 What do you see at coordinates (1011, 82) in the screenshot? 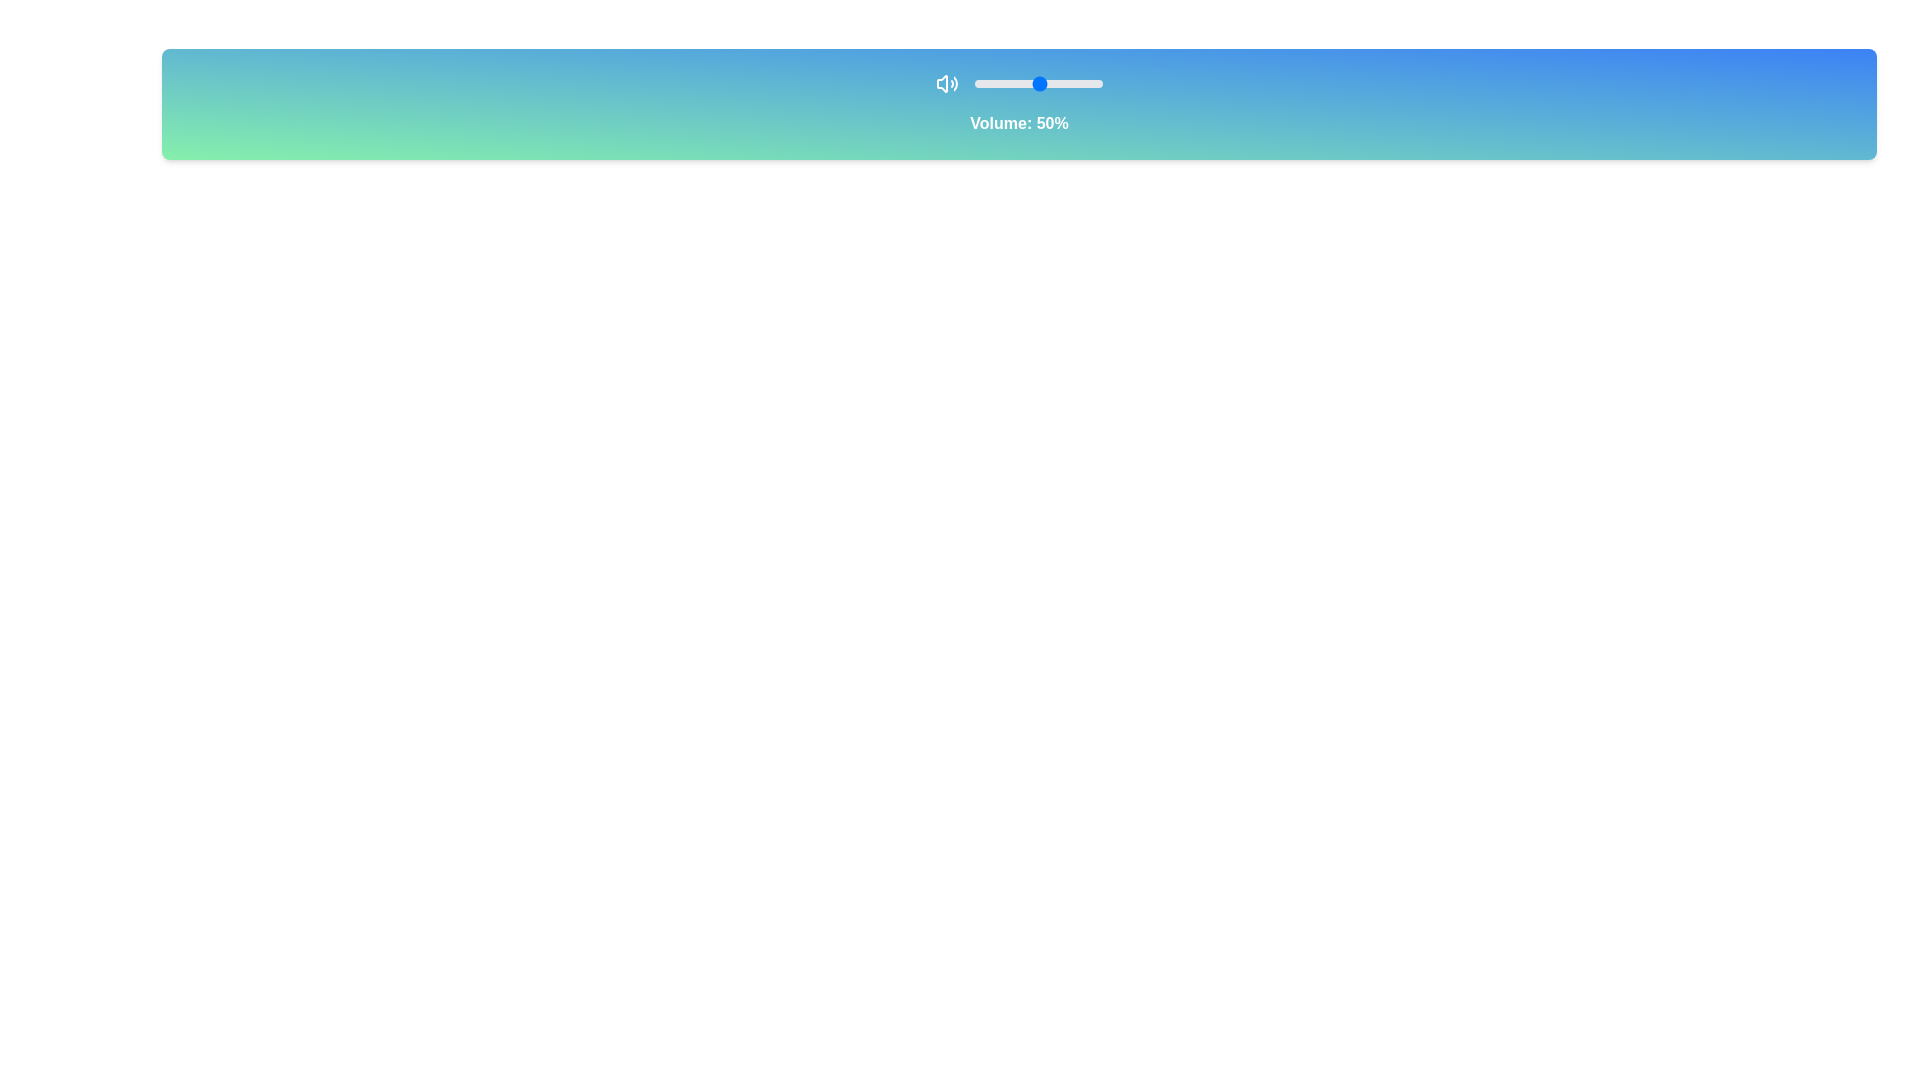
I see `the volume level on the slider` at bounding box center [1011, 82].